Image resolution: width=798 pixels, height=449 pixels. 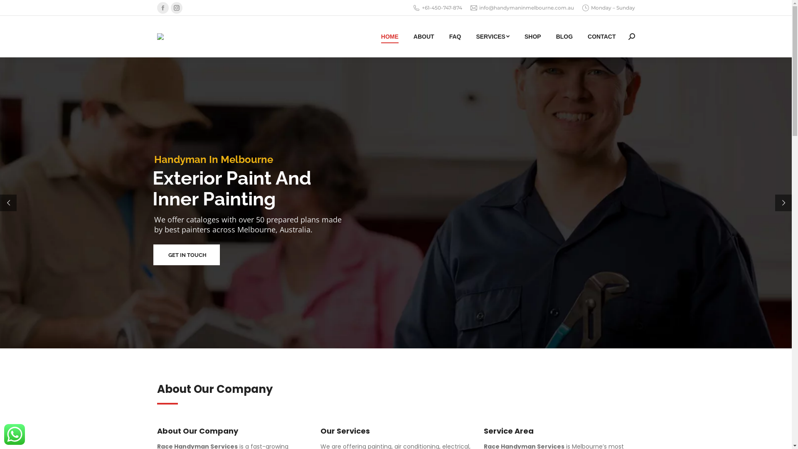 I want to click on 'info@handymaninmelbourne.com.au', so click(x=522, y=8).